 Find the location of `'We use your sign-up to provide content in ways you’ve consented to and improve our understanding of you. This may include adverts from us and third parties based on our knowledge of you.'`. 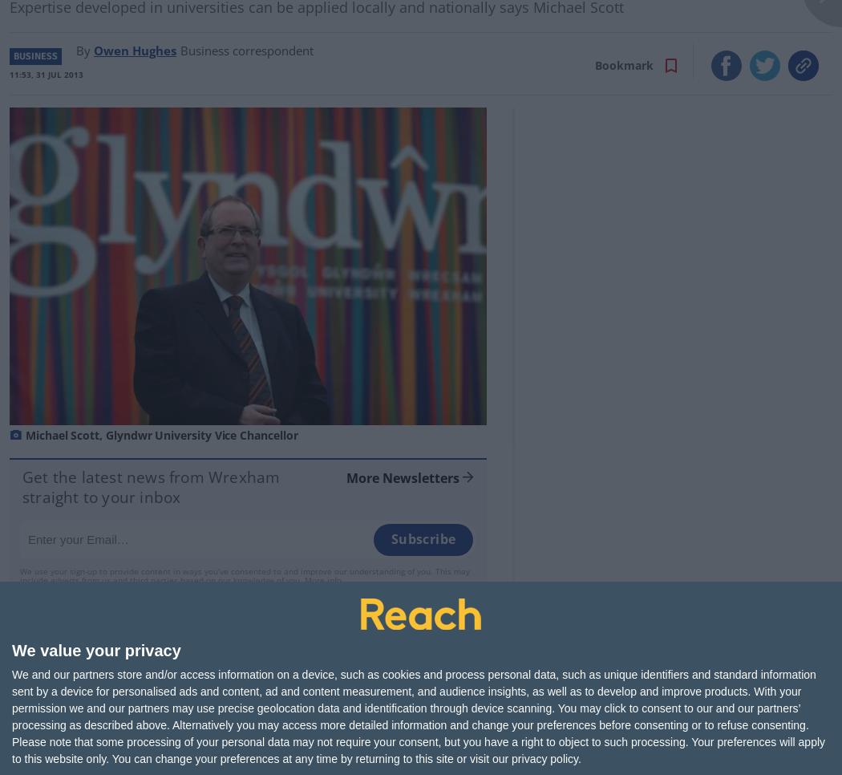

'We use your sign-up to provide content in ways you’ve consented to and improve our understanding of you. This may include adverts from us and third parties based on our knowledge of you.' is located at coordinates (19, 574).